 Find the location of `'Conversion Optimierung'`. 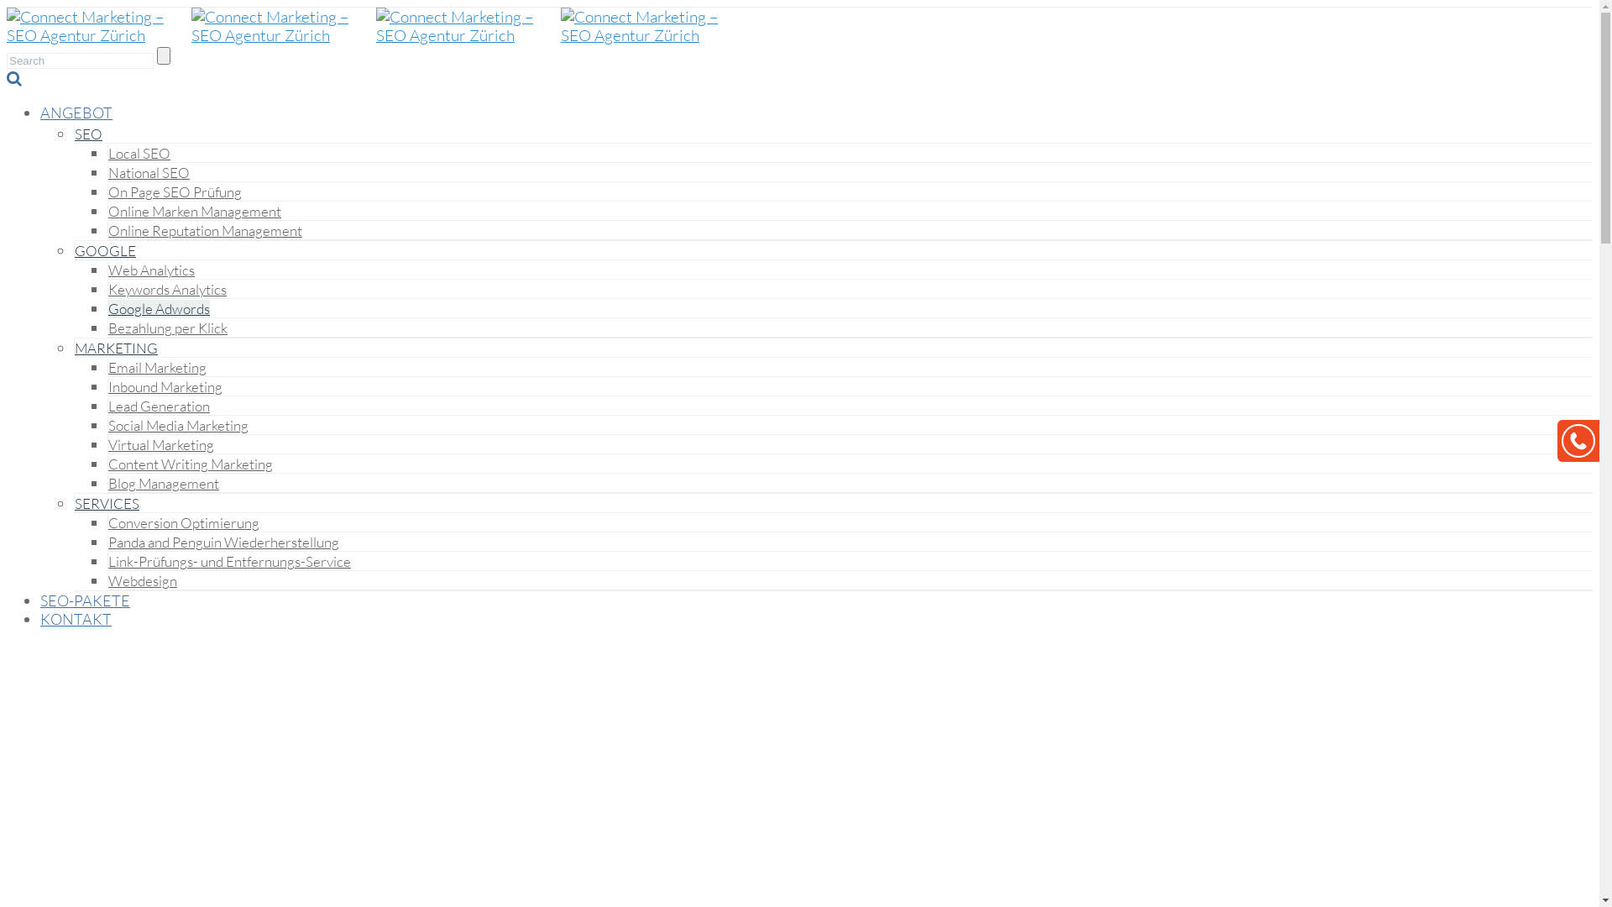

'Conversion Optimierung' is located at coordinates (183, 522).